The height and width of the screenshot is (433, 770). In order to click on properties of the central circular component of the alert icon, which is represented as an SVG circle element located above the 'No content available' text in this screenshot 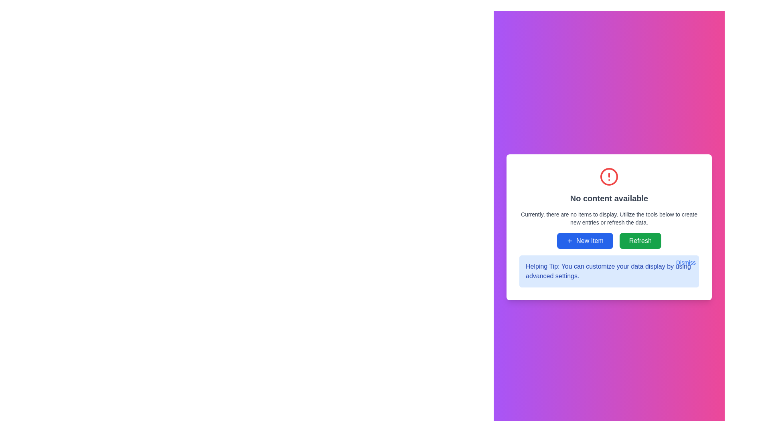, I will do `click(609, 176)`.